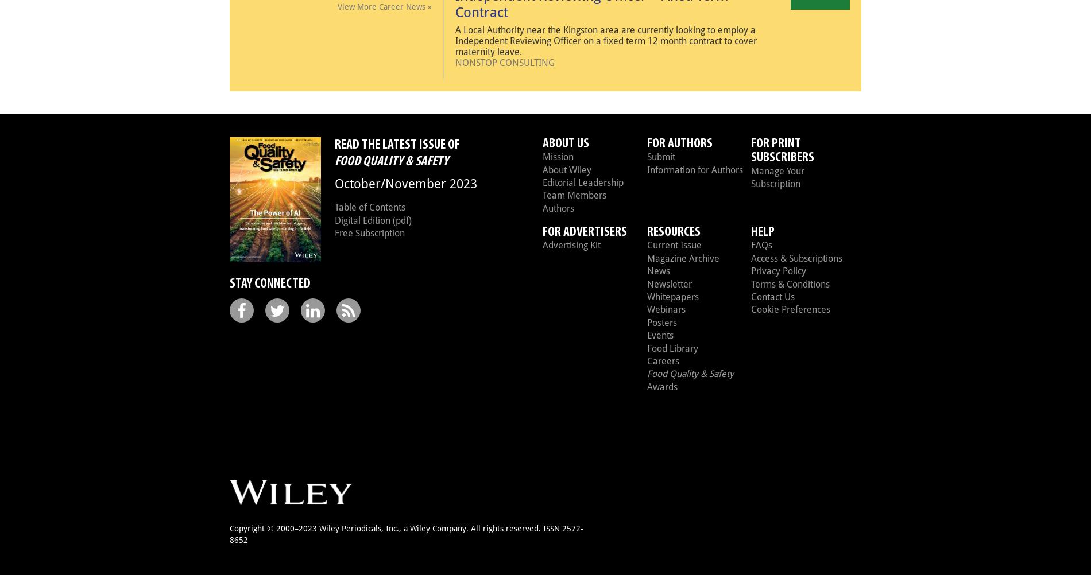  Describe the element at coordinates (370, 207) in the screenshot. I see `'Table of Contents'` at that location.